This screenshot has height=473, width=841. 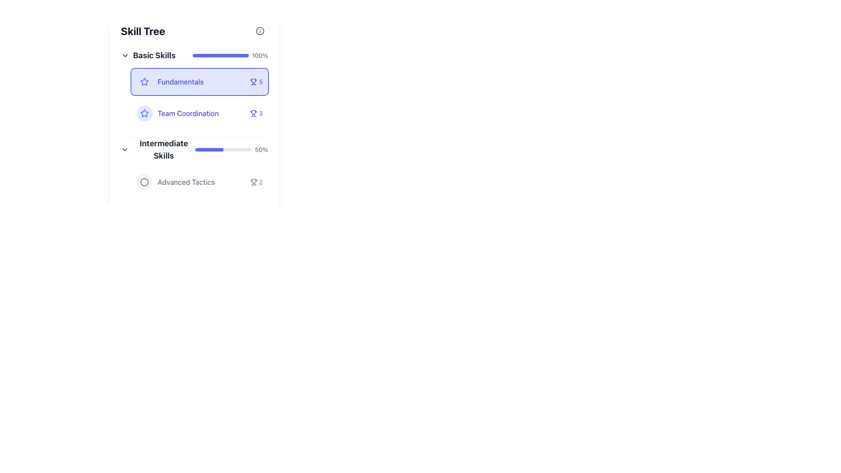 What do you see at coordinates (145, 182) in the screenshot?
I see `the circular icon with a stroke outline located in the top-right corner of the 'Skill Tree' interface, near the 'Basic Skills' section` at bounding box center [145, 182].